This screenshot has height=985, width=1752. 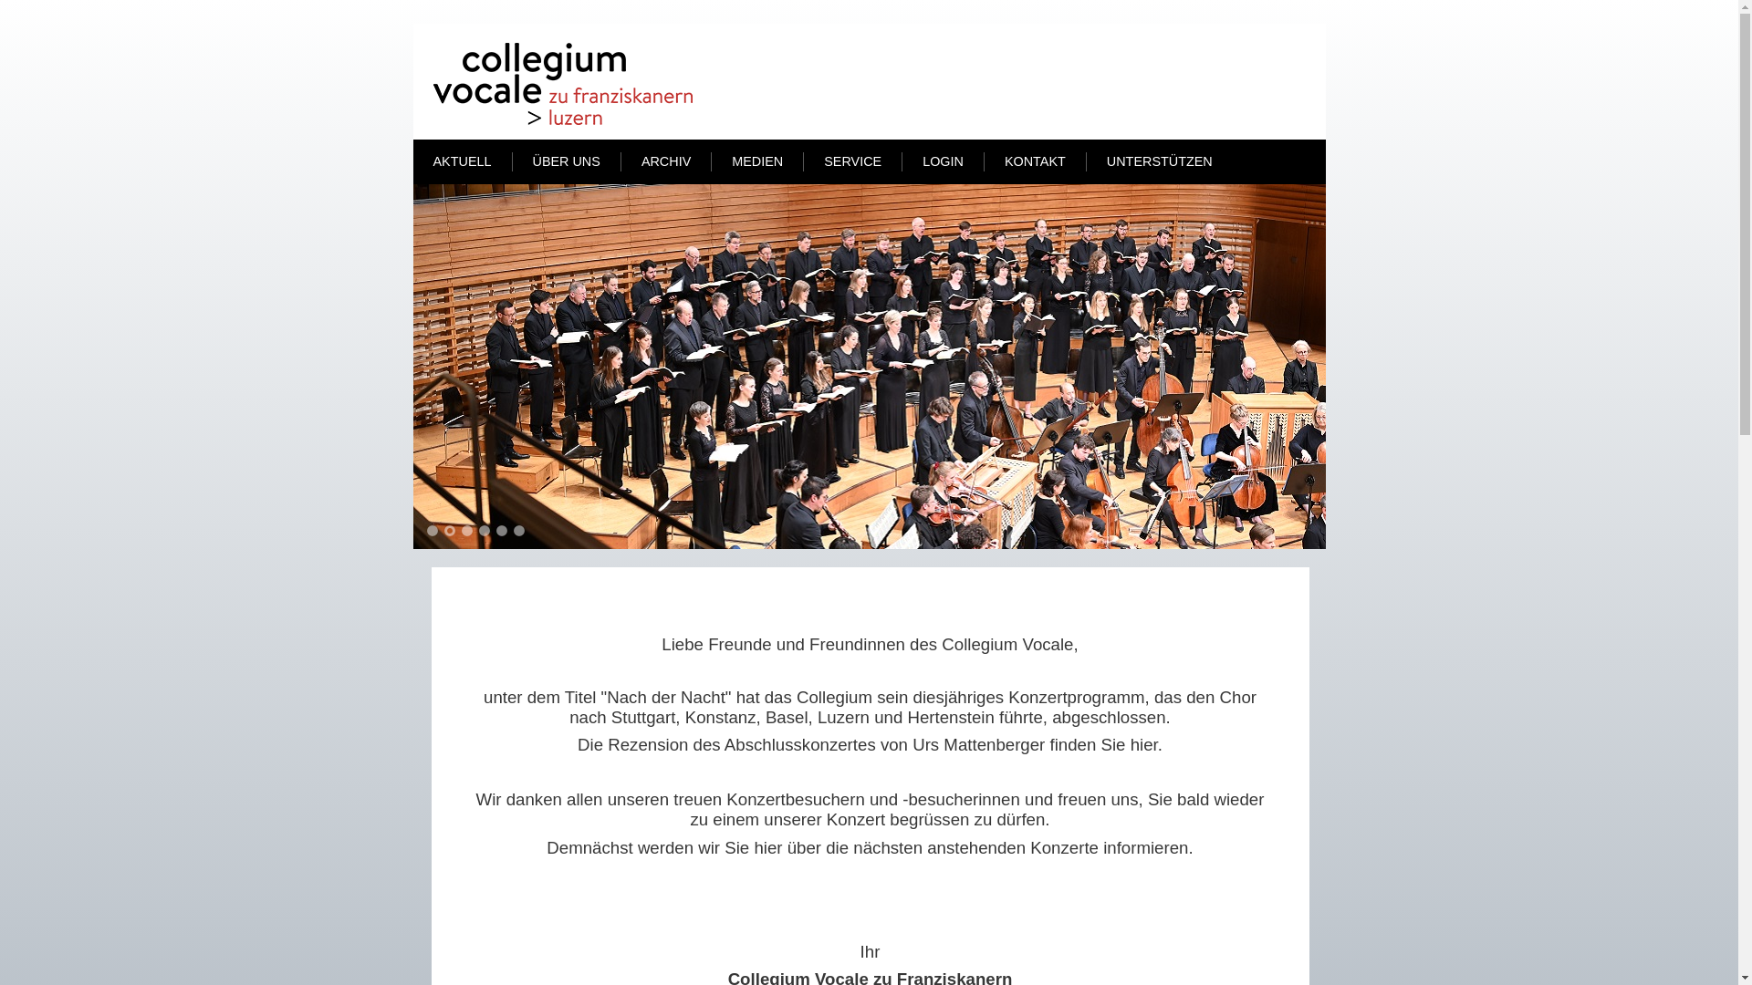 I want to click on '1', so click(x=432, y=531).